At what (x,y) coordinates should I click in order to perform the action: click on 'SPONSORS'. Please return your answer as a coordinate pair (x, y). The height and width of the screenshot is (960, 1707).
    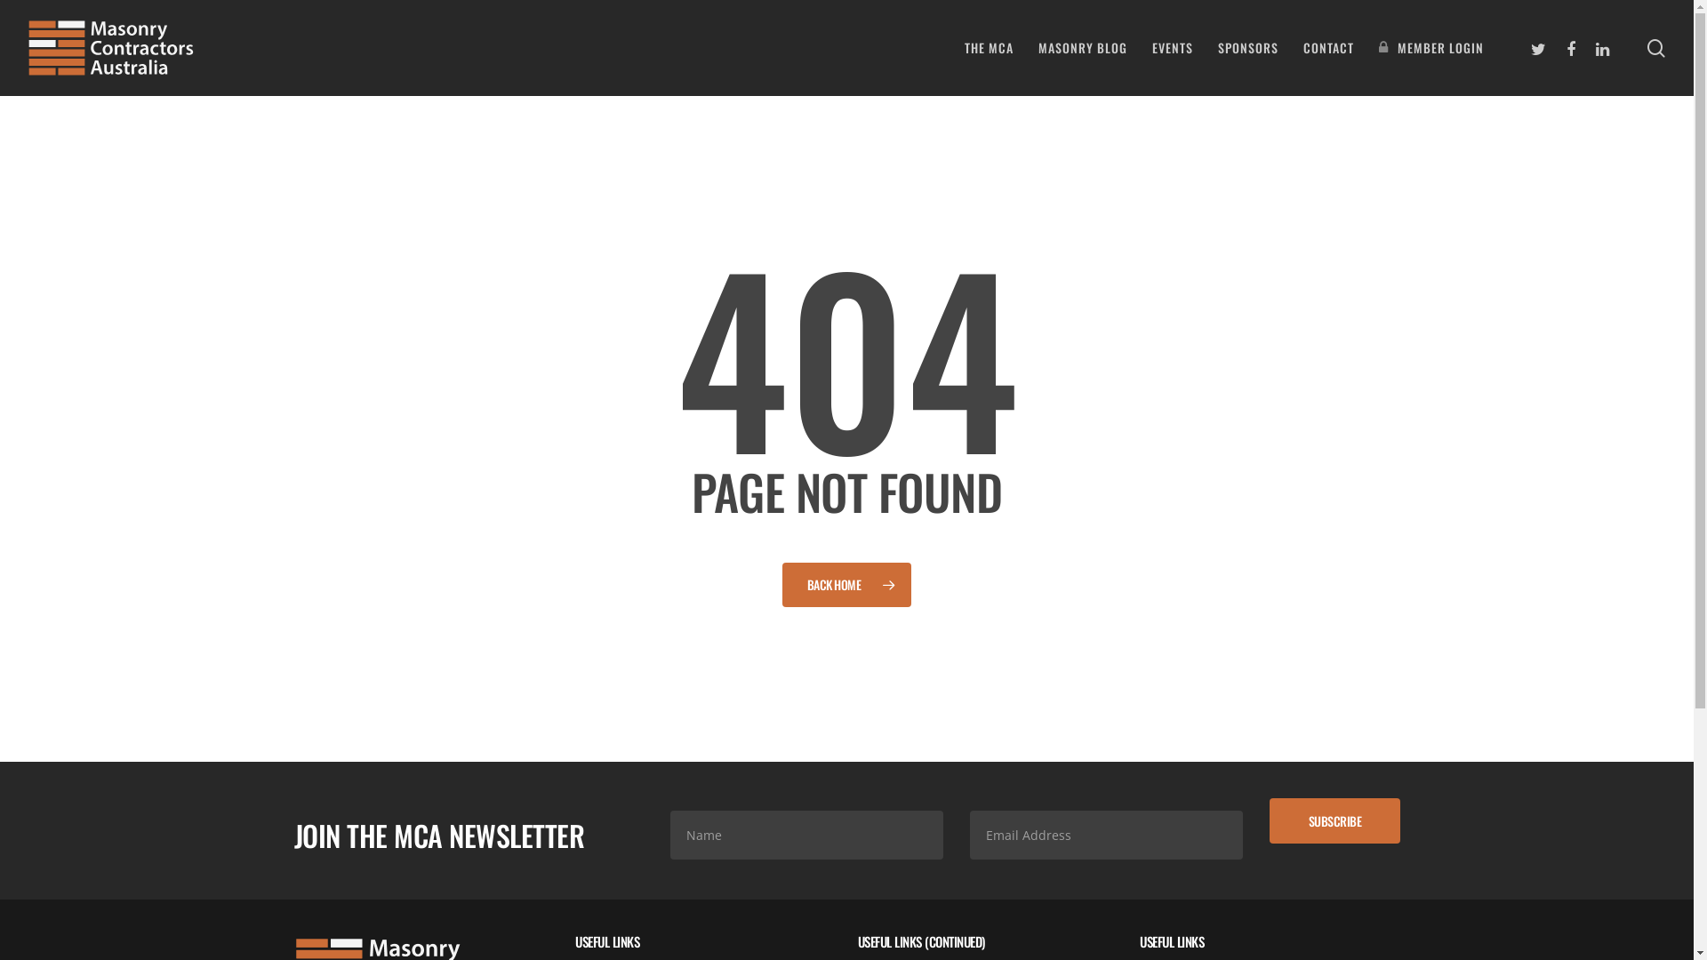
    Looking at the image, I should click on (1246, 47).